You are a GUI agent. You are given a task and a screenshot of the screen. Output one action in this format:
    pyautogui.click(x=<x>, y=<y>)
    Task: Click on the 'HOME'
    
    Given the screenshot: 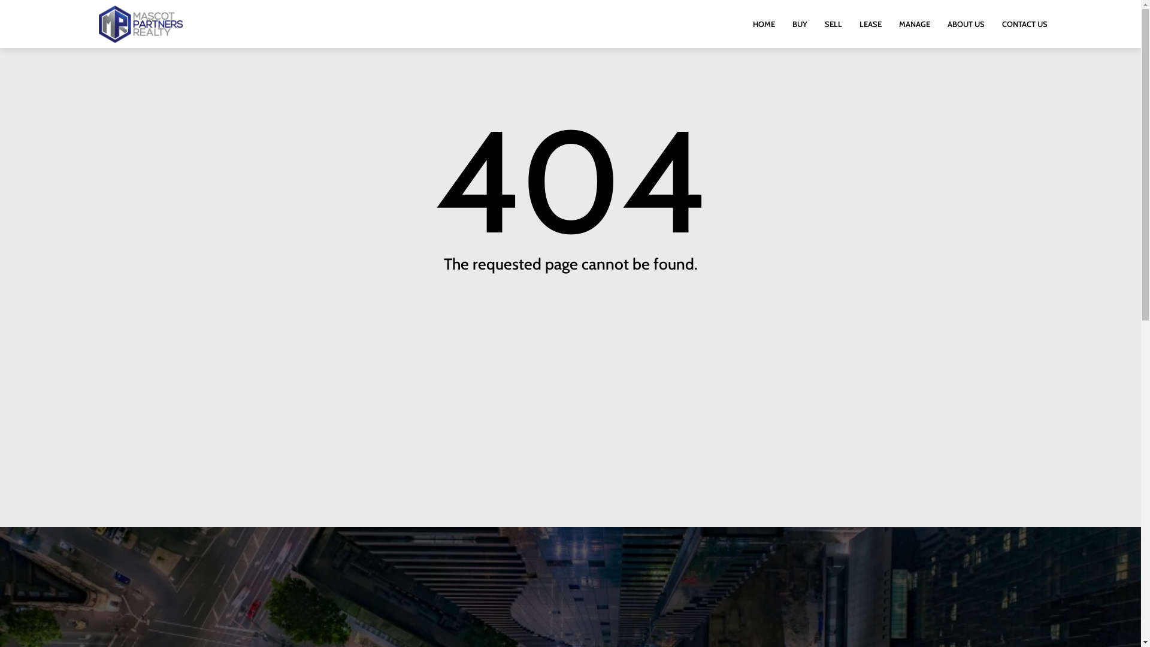 What is the action you would take?
    pyautogui.click(x=763, y=23)
    